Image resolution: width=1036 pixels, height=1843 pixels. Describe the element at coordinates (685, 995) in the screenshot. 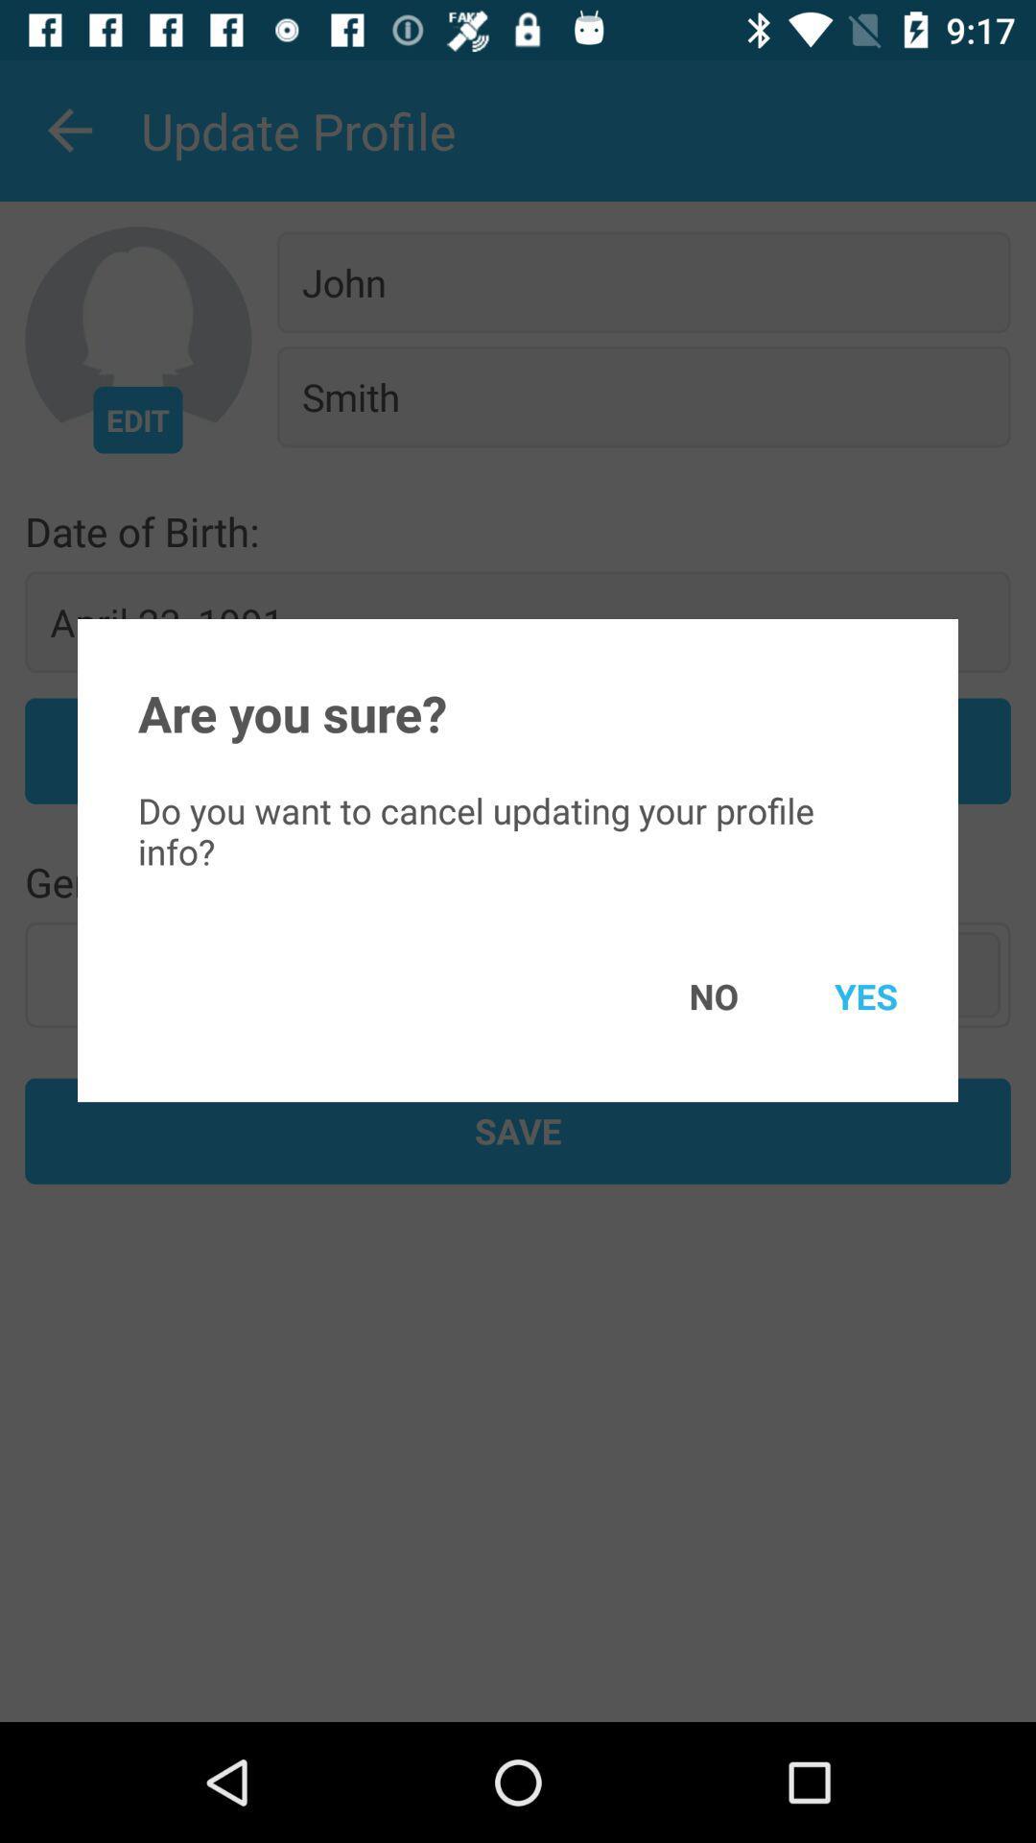

I see `the icon below do you want` at that location.